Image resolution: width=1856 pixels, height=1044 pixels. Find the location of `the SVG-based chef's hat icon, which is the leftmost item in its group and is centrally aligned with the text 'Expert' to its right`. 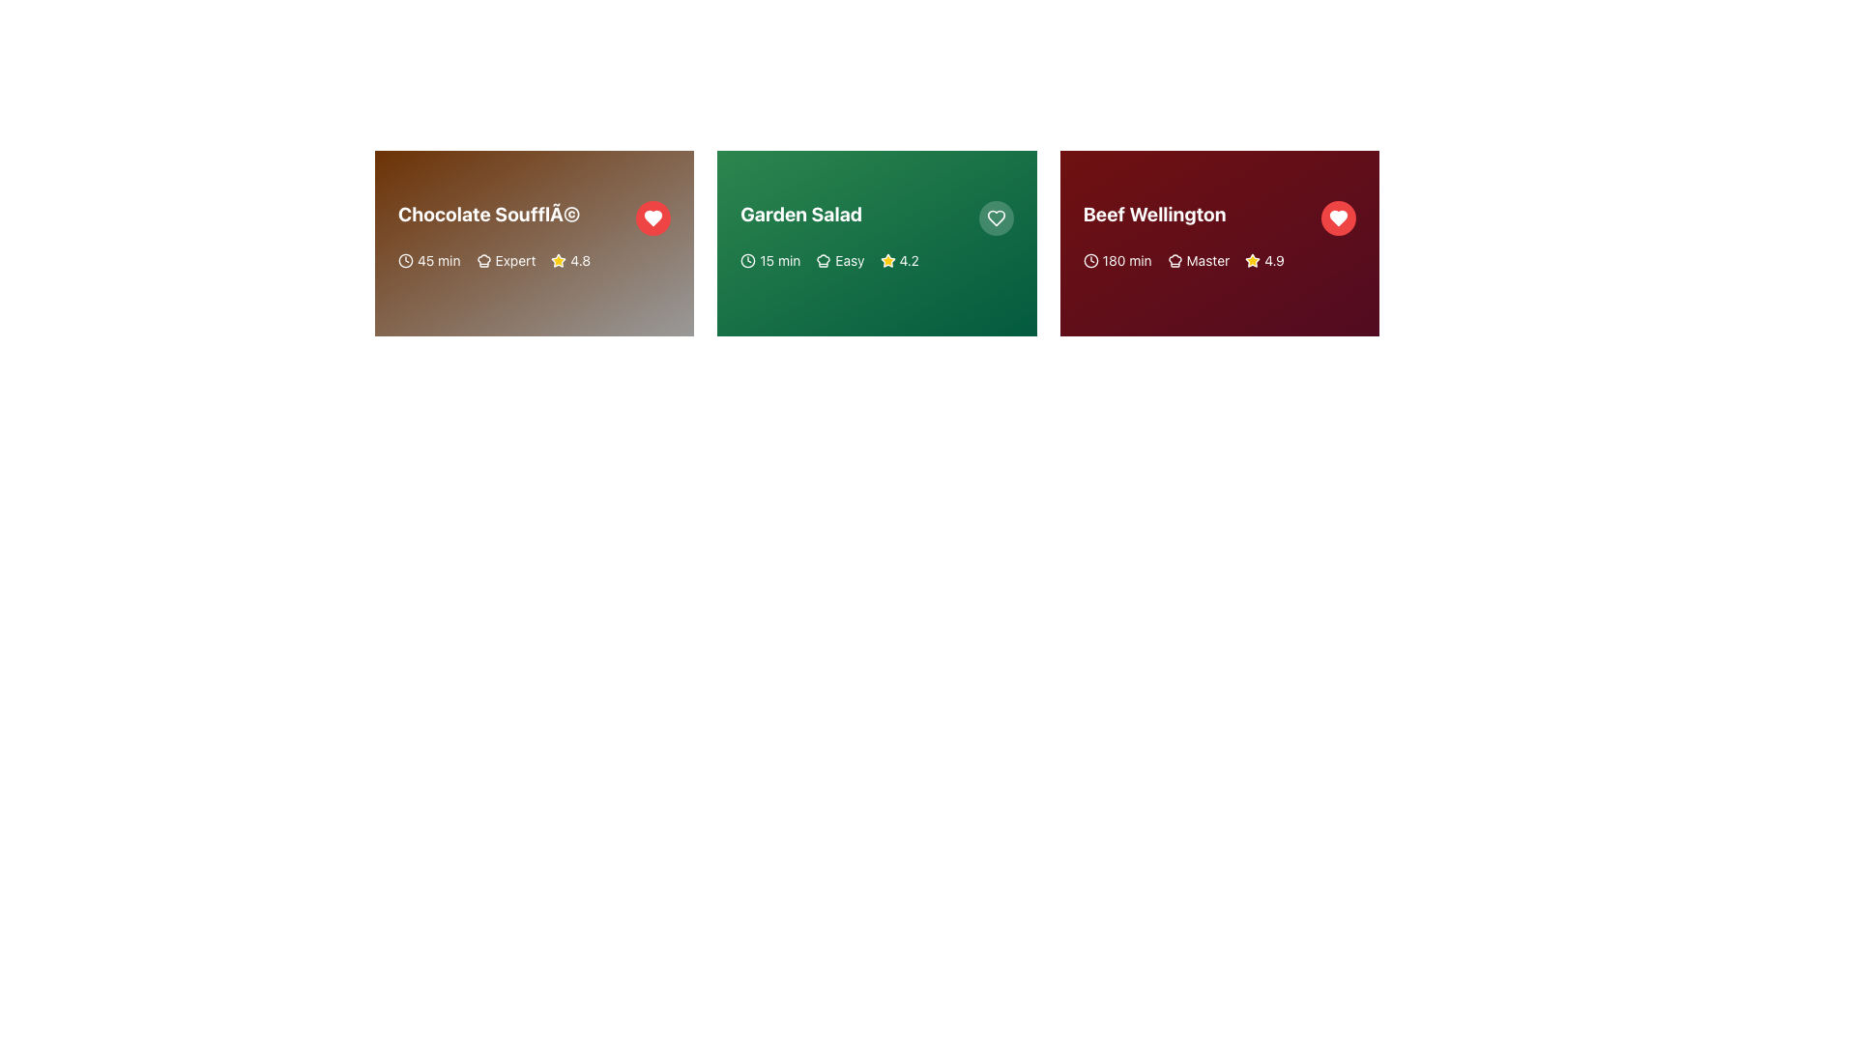

the SVG-based chef's hat icon, which is the leftmost item in its group and is centrally aligned with the text 'Expert' to its right is located at coordinates (483, 261).